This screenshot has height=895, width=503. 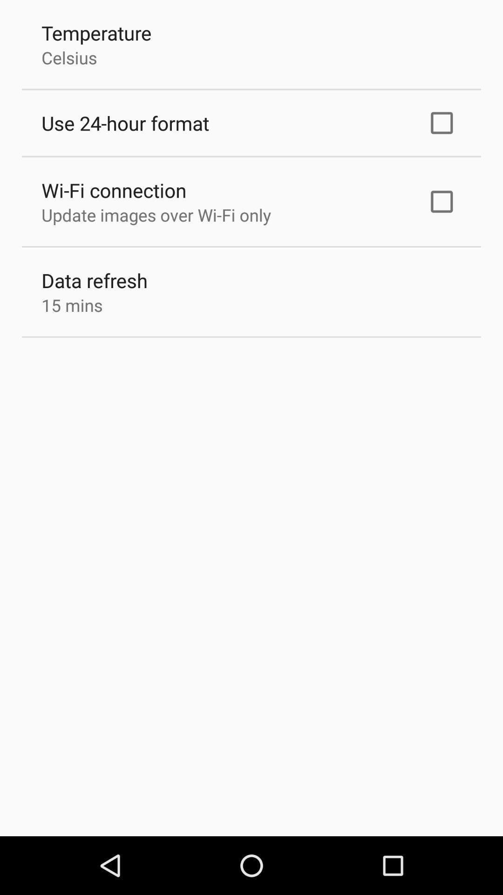 I want to click on the icon below temperature app, so click(x=68, y=57).